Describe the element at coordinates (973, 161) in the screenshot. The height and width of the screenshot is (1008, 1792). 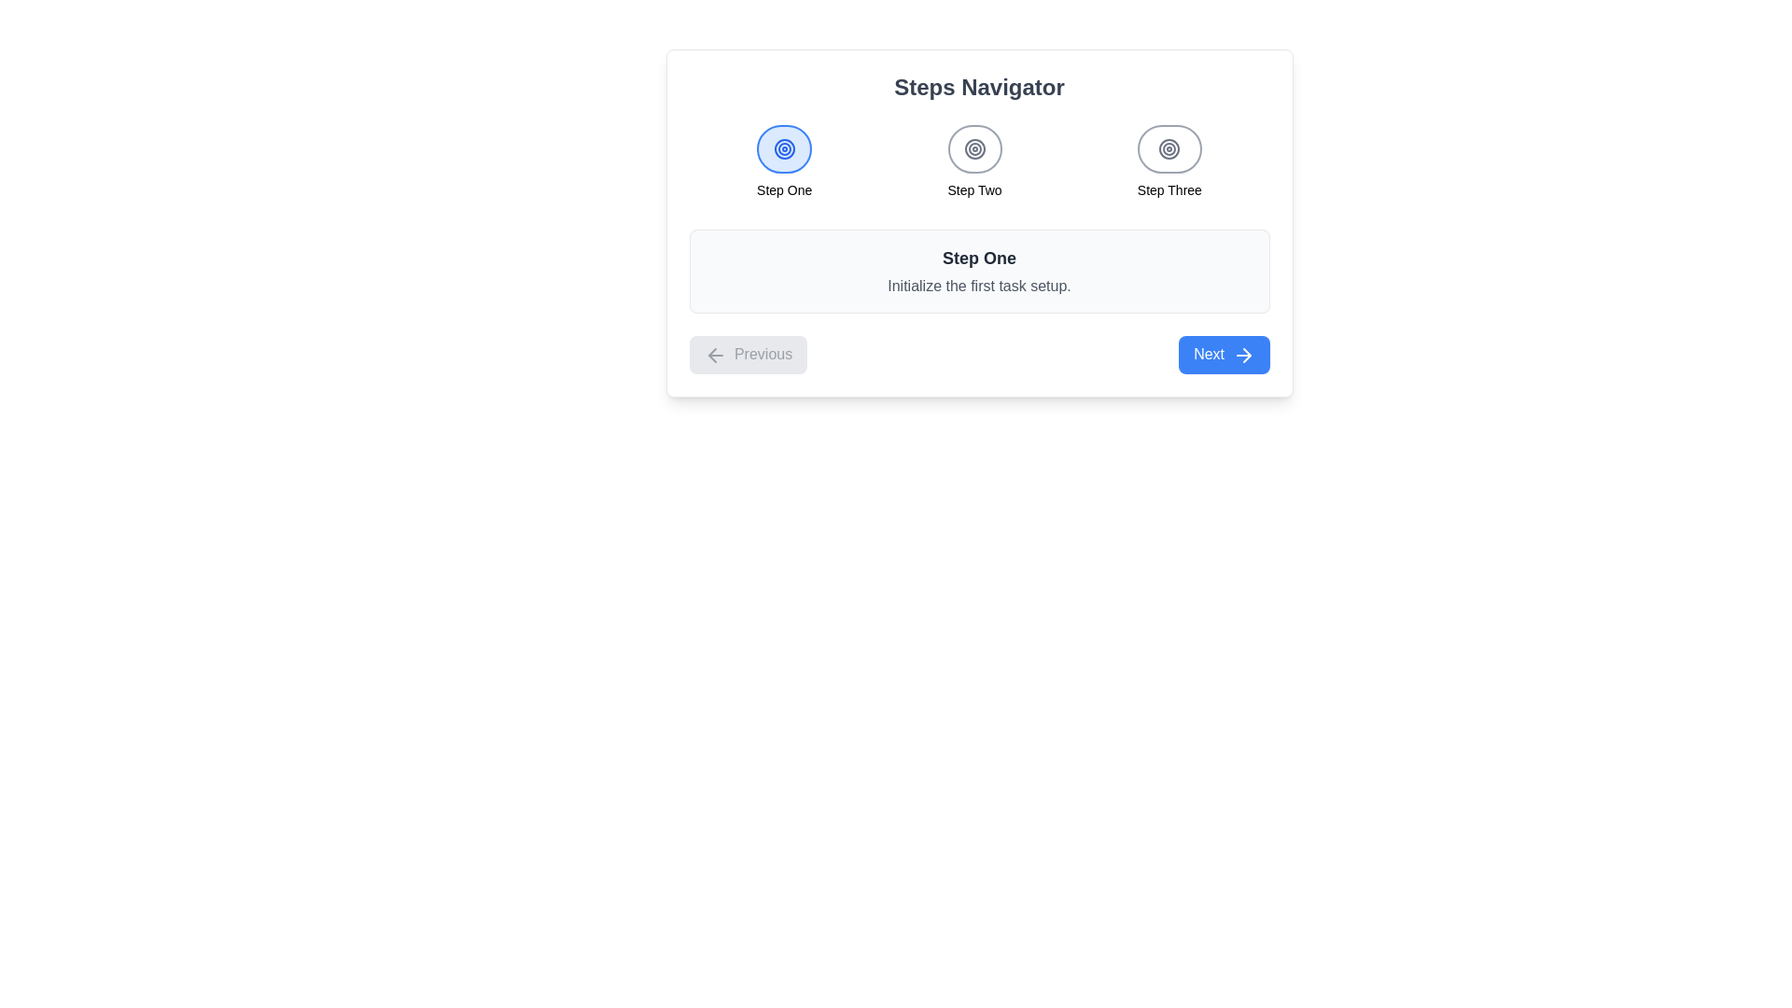
I see `the 'Step Two' text in the step indicator element, which is the second of three items in the navigation bar, visually marked by concentric circles in gray` at that location.